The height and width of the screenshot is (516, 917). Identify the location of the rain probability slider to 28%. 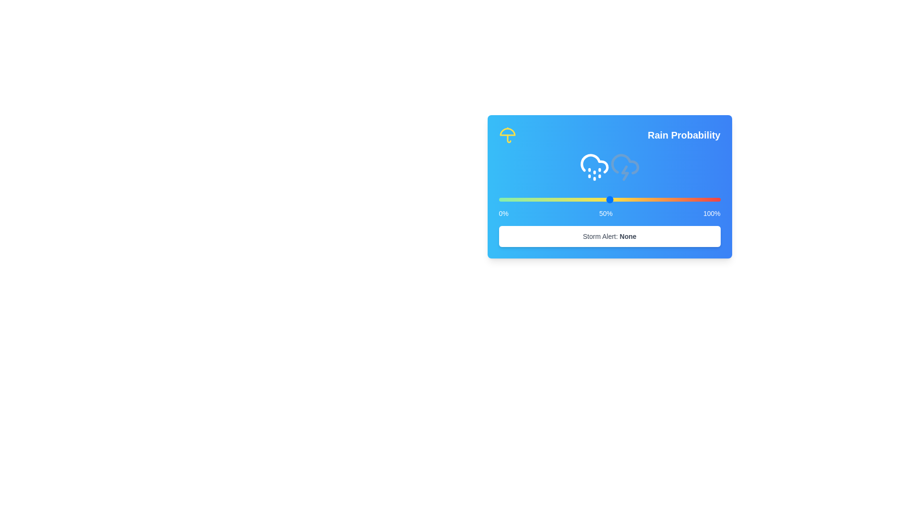
(561, 199).